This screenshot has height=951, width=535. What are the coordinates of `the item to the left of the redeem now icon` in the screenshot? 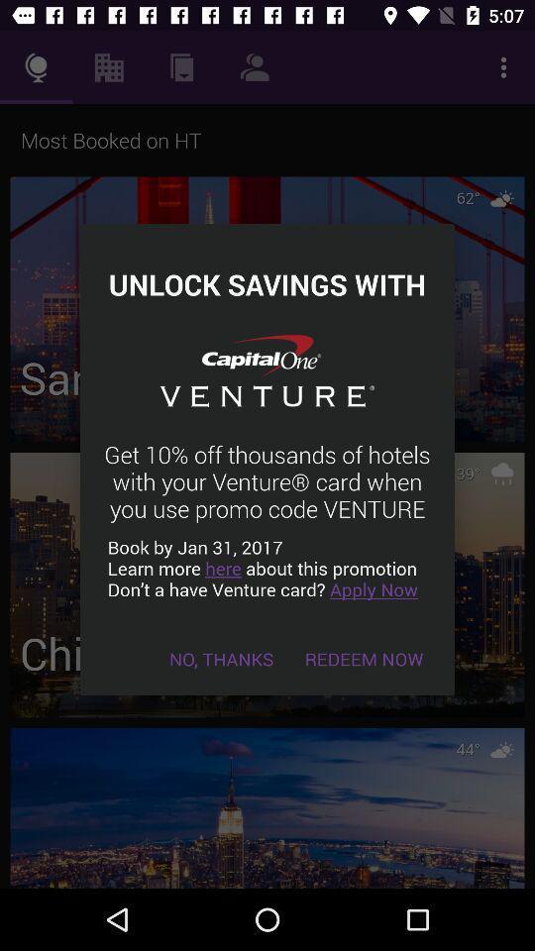 It's located at (220, 659).